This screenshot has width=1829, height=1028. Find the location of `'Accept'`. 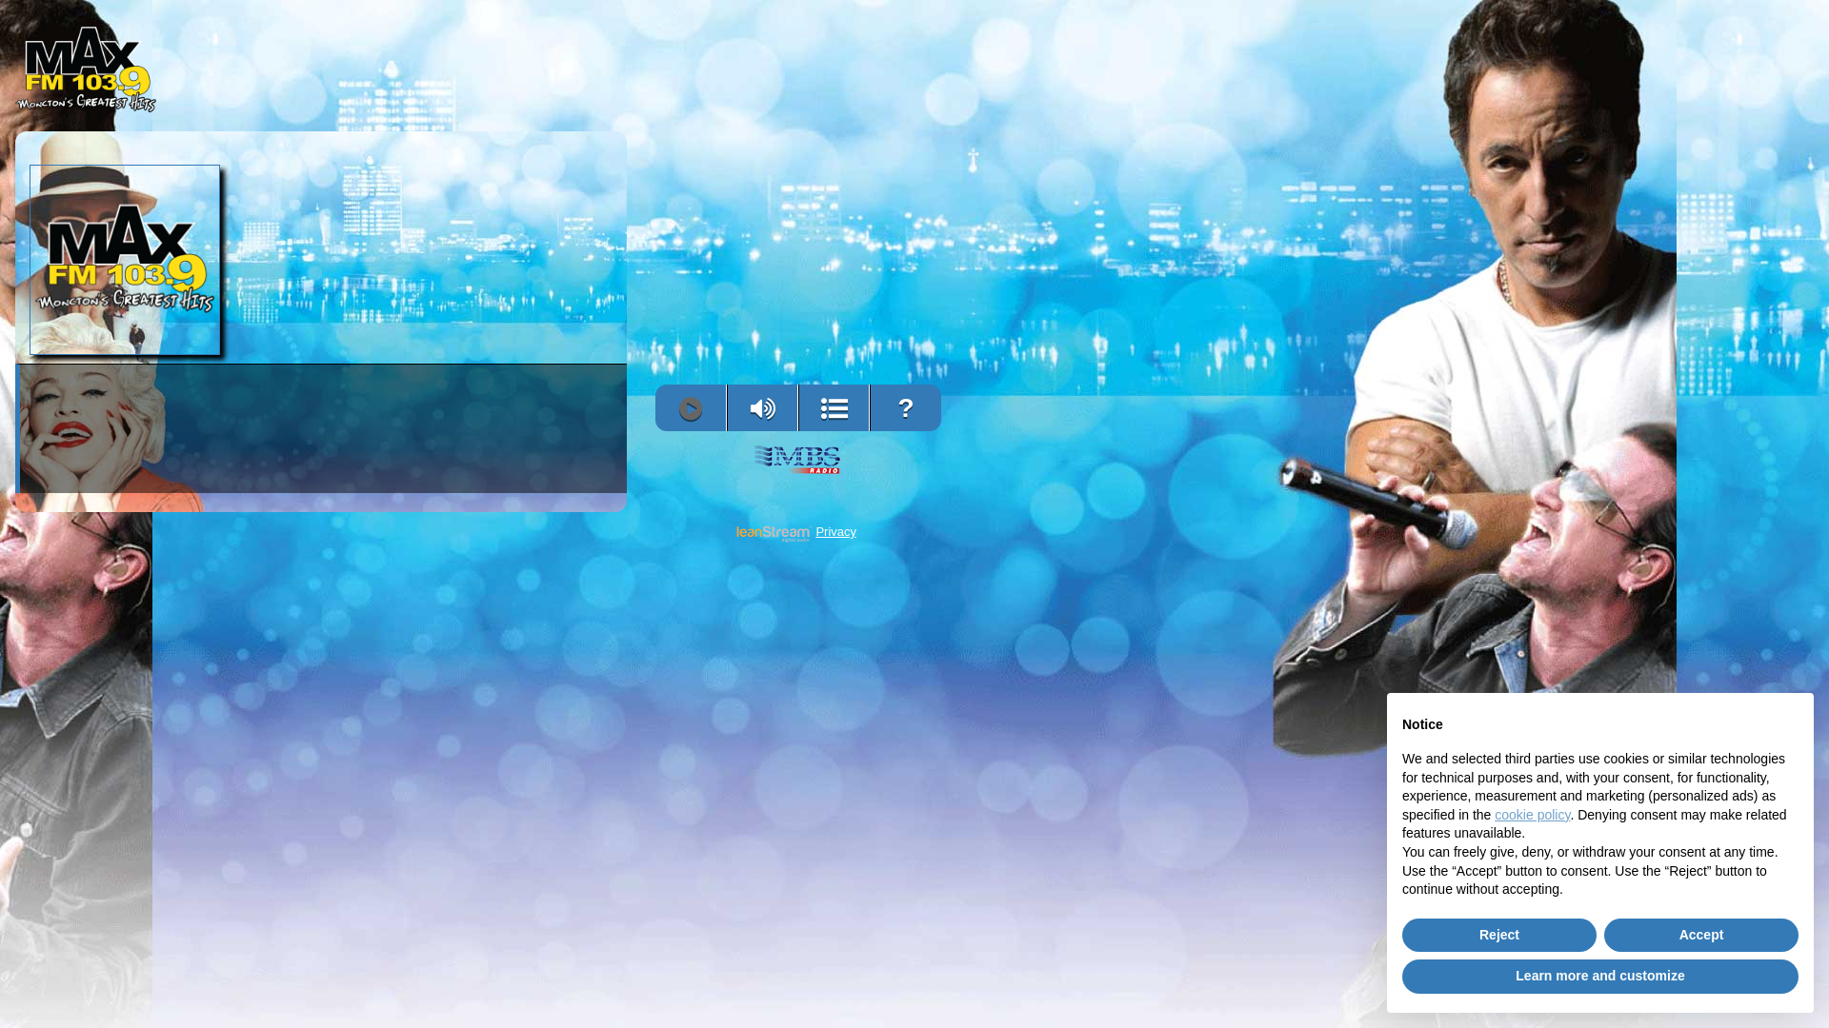

'Accept' is located at coordinates (1700, 935).